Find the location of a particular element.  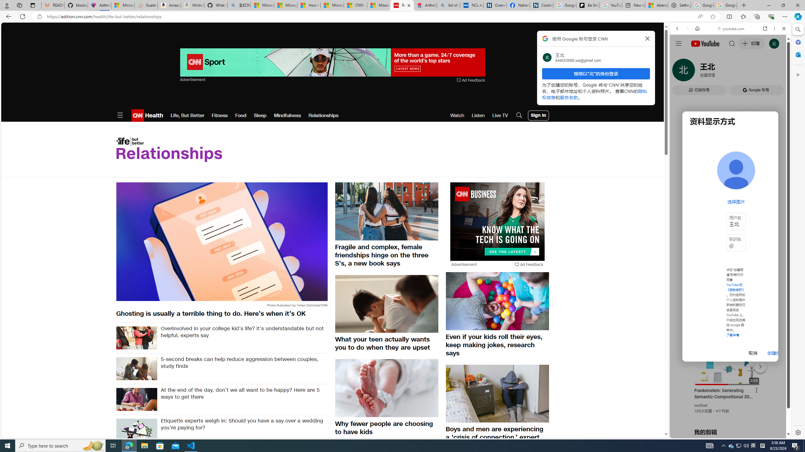

'Relationships' is located at coordinates (323, 115).